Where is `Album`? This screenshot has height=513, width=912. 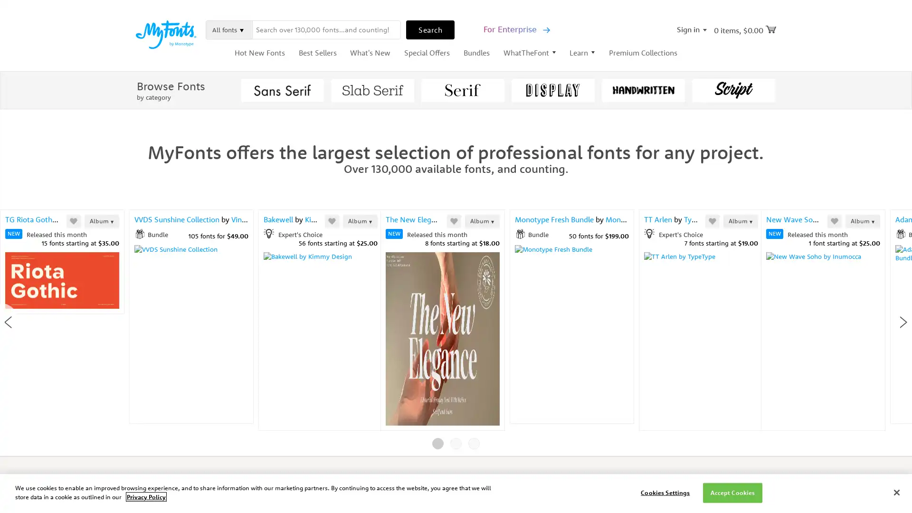
Album is located at coordinates (275, 221).